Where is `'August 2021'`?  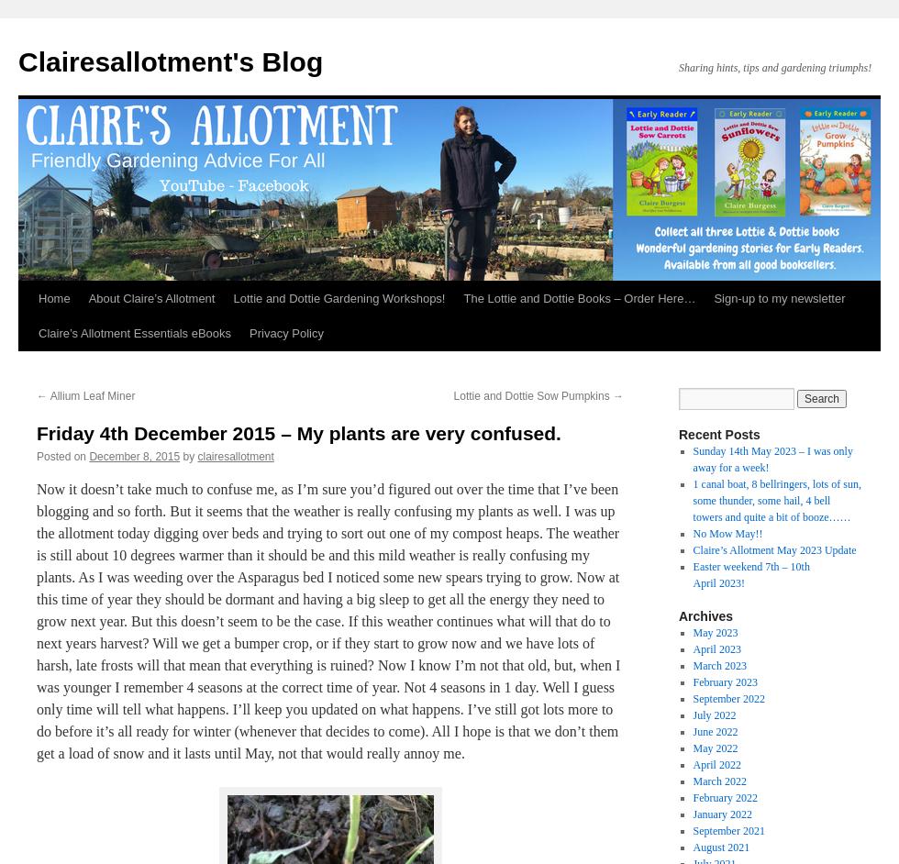 'August 2021' is located at coordinates (720, 847).